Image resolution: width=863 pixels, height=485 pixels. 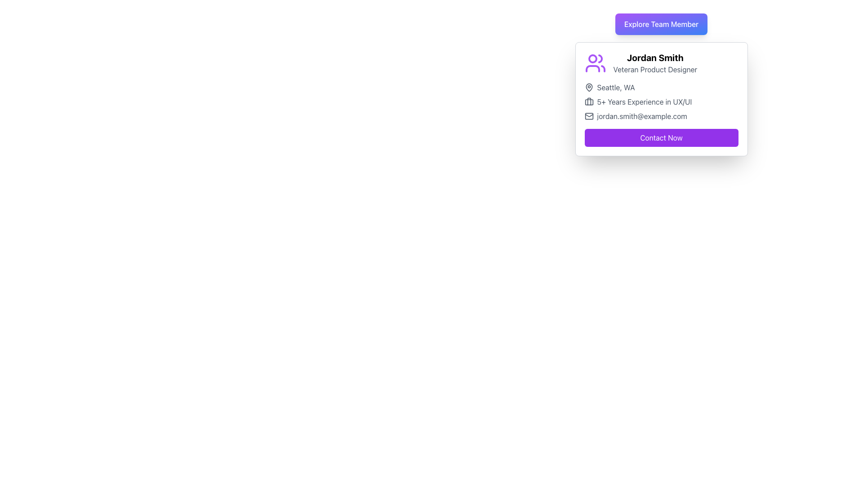 What do you see at coordinates (615, 88) in the screenshot?
I see `the text label displaying 'Seattle, WA', which is styled in dark gray and positioned next to a location icon on a profile information card` at bounding box center [615, 88].